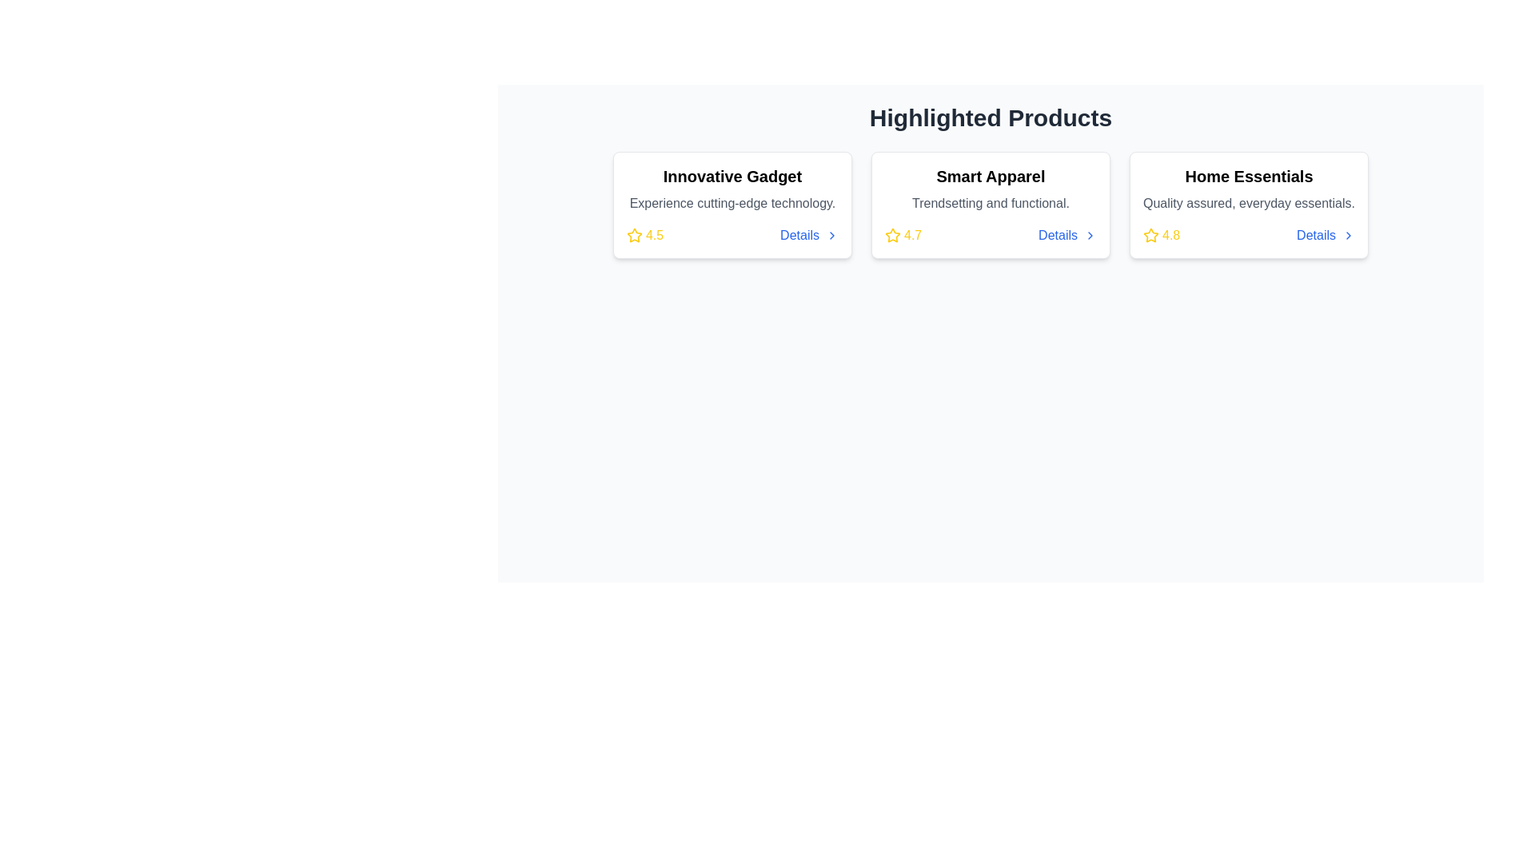  What do you see at coordinates (645, 235) in the screenshot?
I see `the Rating display component showing a score of '4.5' on the card labeled 'Innovative Gadget' located in the top-left area of the card` at bounding box center [645, 235].